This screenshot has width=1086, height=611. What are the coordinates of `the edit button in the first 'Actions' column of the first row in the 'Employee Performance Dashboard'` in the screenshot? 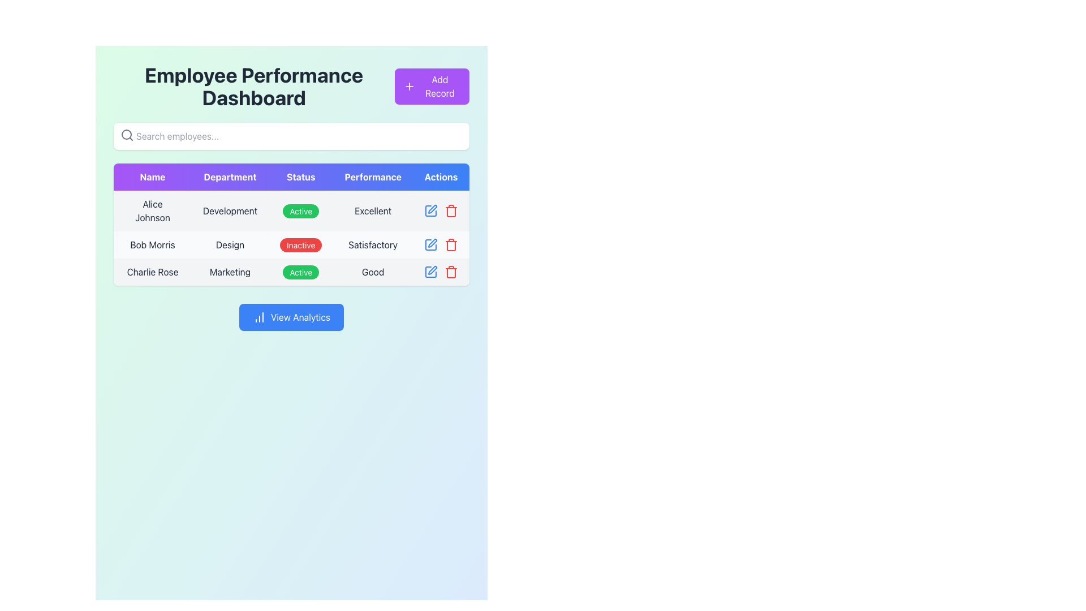 It's located at (430, 211).